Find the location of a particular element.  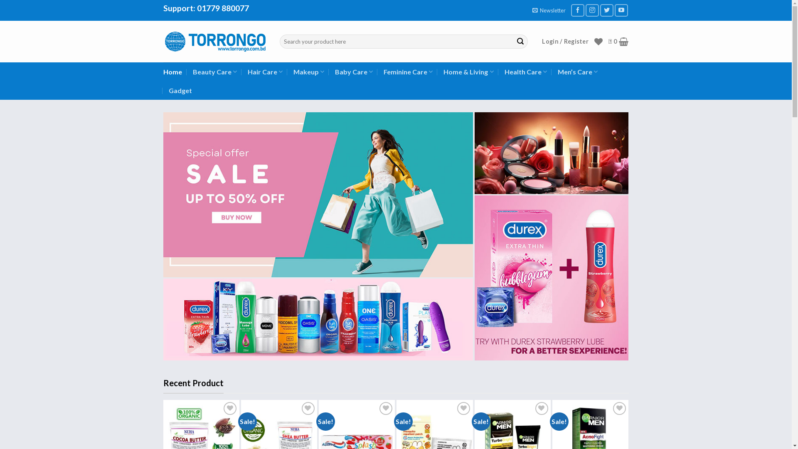

'Follow on YouTube' is located at coordinates (621, 10).